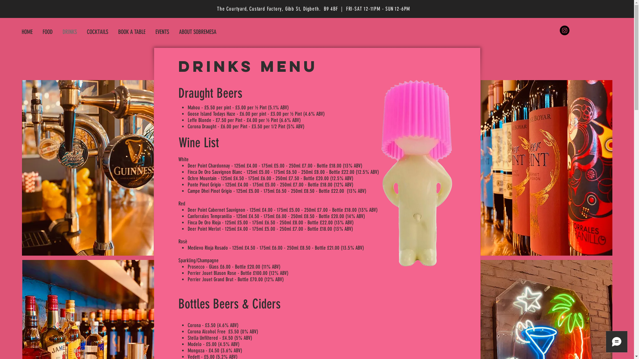  What do you see at coordinates (197, 32) in the screenshot?
I see `'ABOUT SOBREMESA'` at bounding box center [197, 32].